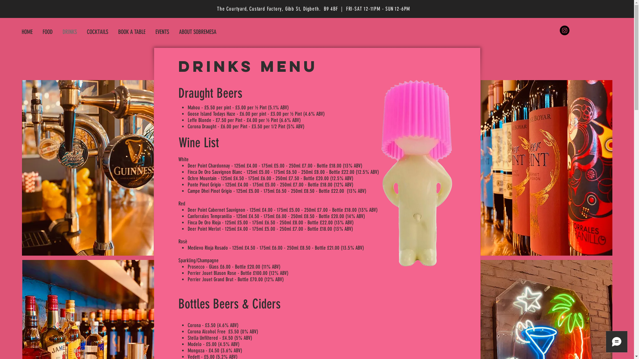  What do you see at coordinates (197, 32) in the screenshot?
I see `'ABOUT SOBREMESA'` at bounding box center [197, 32].